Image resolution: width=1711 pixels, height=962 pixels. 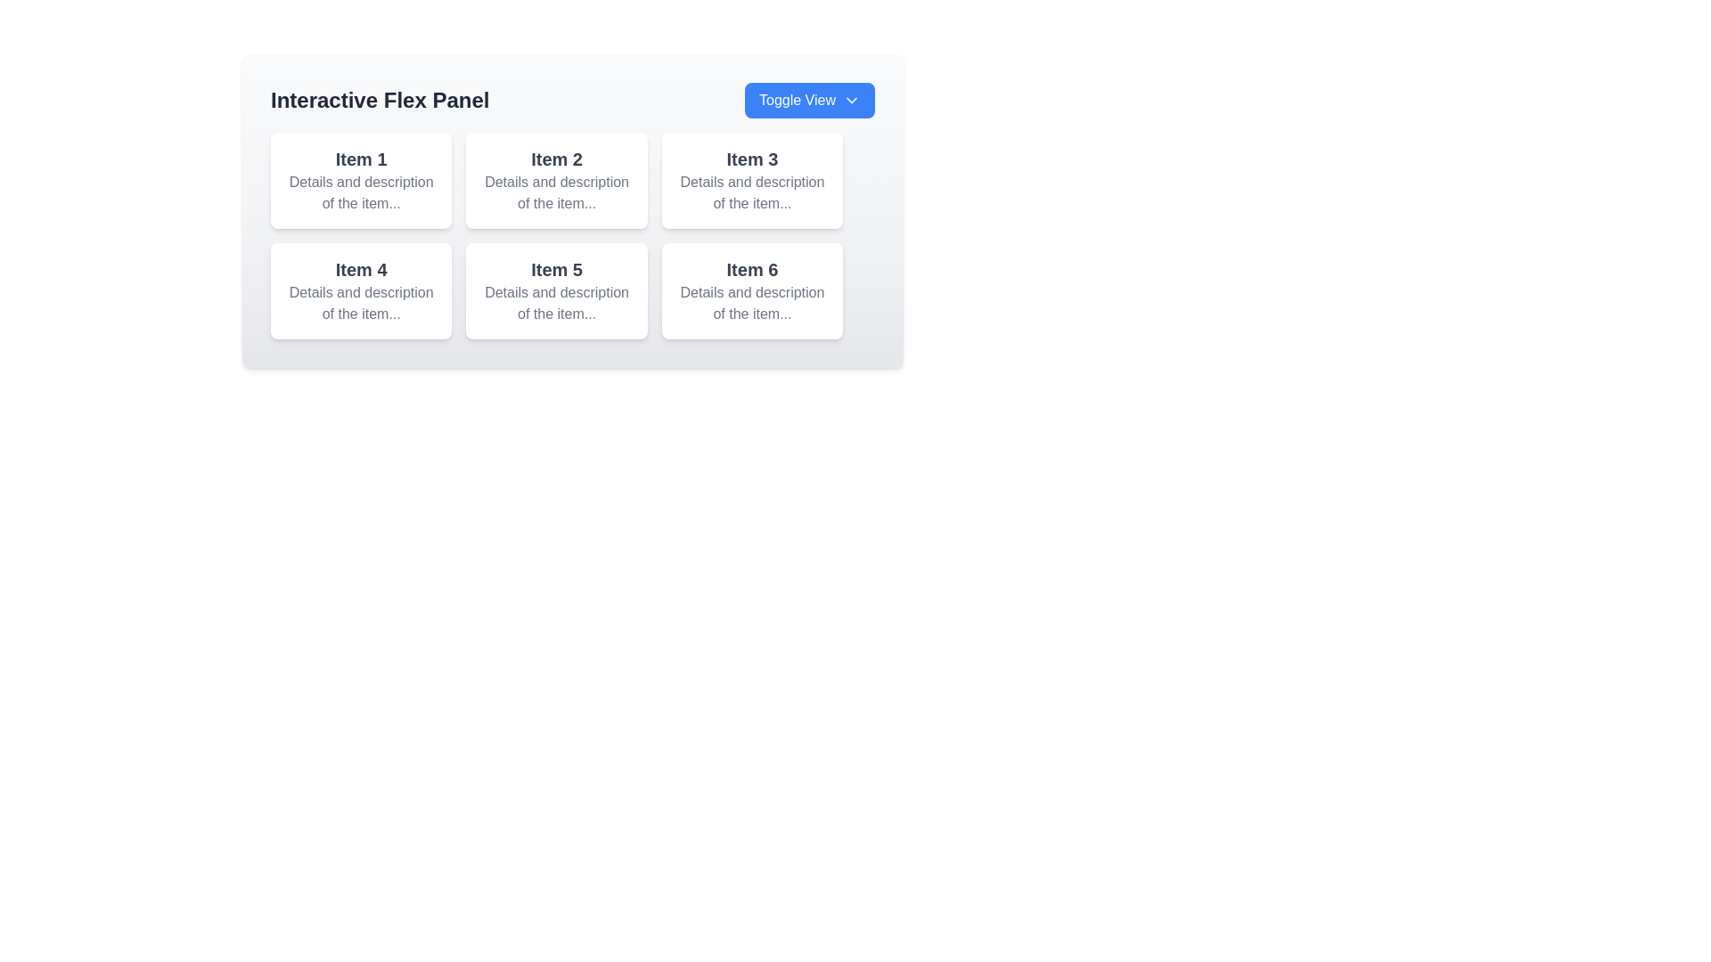 I want to click on the informational text display located in the third card of the grid layout, positioned below the title 'Item 3', so click(x=752, y=192).